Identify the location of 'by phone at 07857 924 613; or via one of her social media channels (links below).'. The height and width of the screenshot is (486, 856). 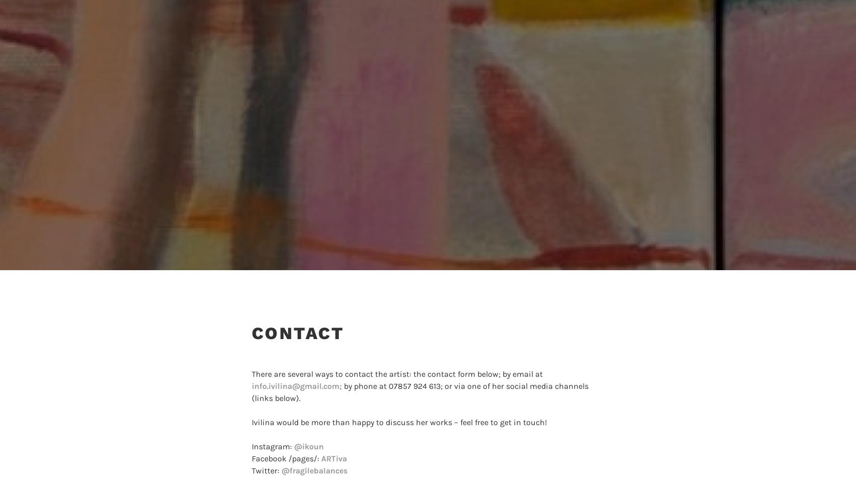
(419, 391).